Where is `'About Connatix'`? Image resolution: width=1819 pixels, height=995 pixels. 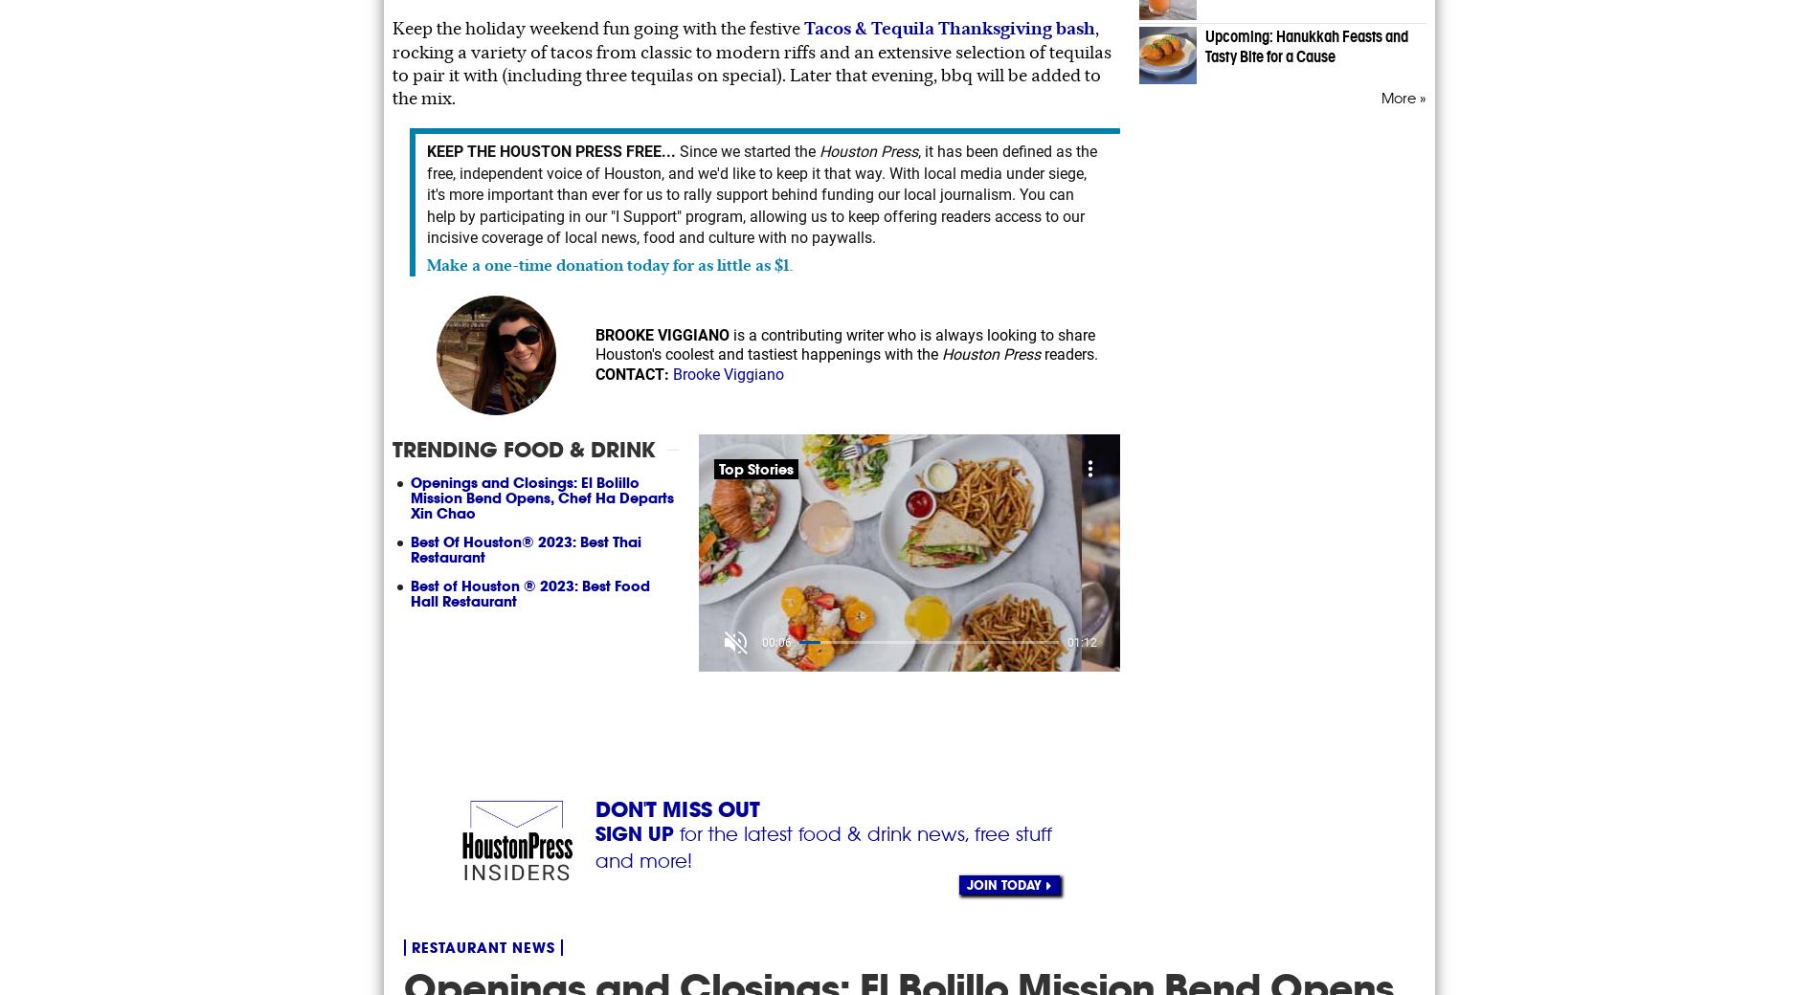
'About Connatix' is located at coordinates (851, 457).